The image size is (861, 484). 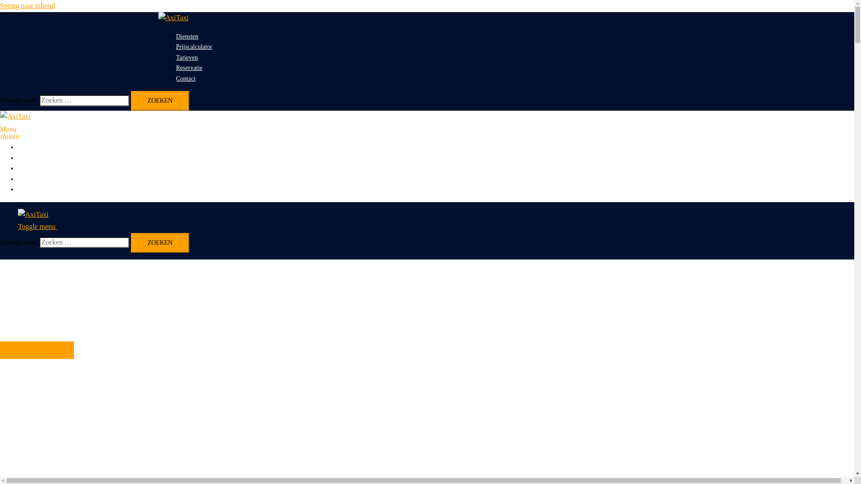 I want to click on 'Tarieven', so click(x=29, y=168).